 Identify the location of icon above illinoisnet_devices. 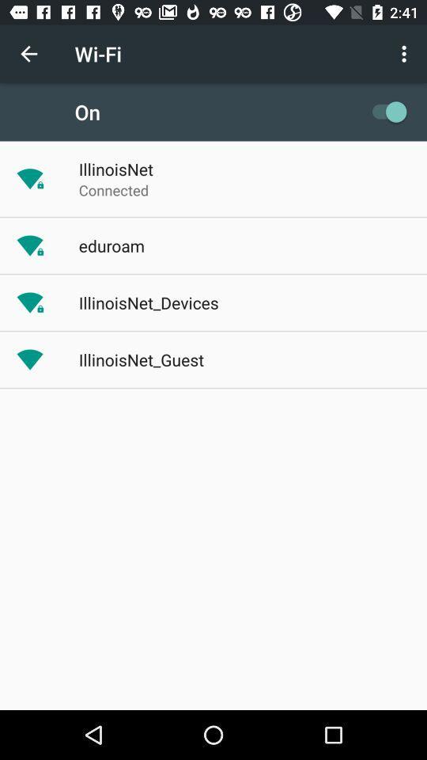
(111, 245).